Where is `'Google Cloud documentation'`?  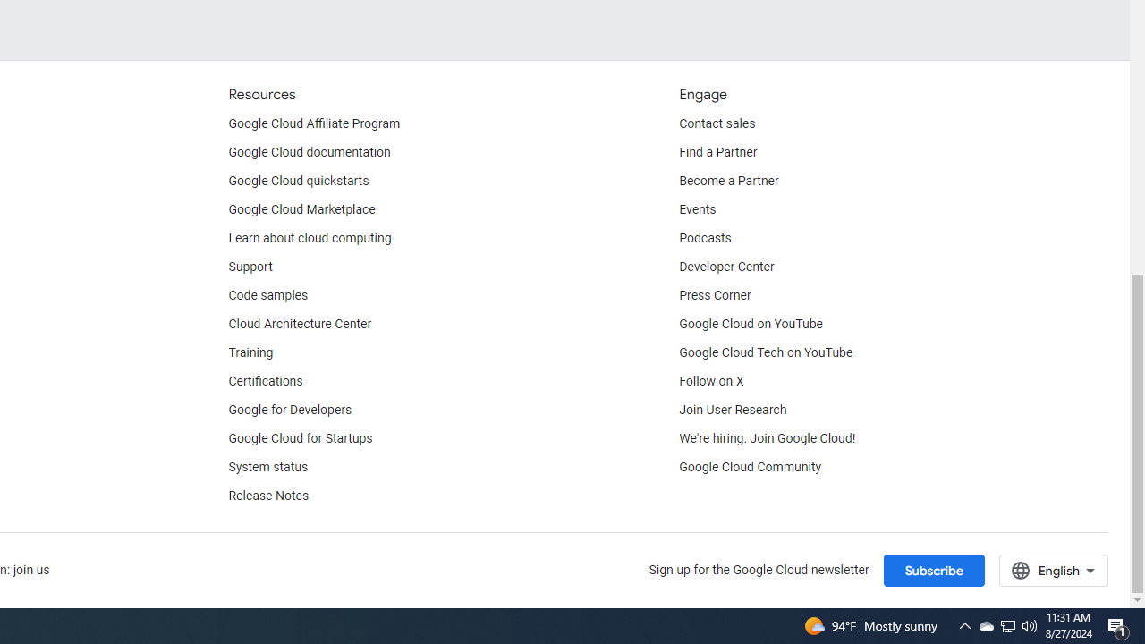
'Google Cloud documentation' is located at coordinates (309, 152).